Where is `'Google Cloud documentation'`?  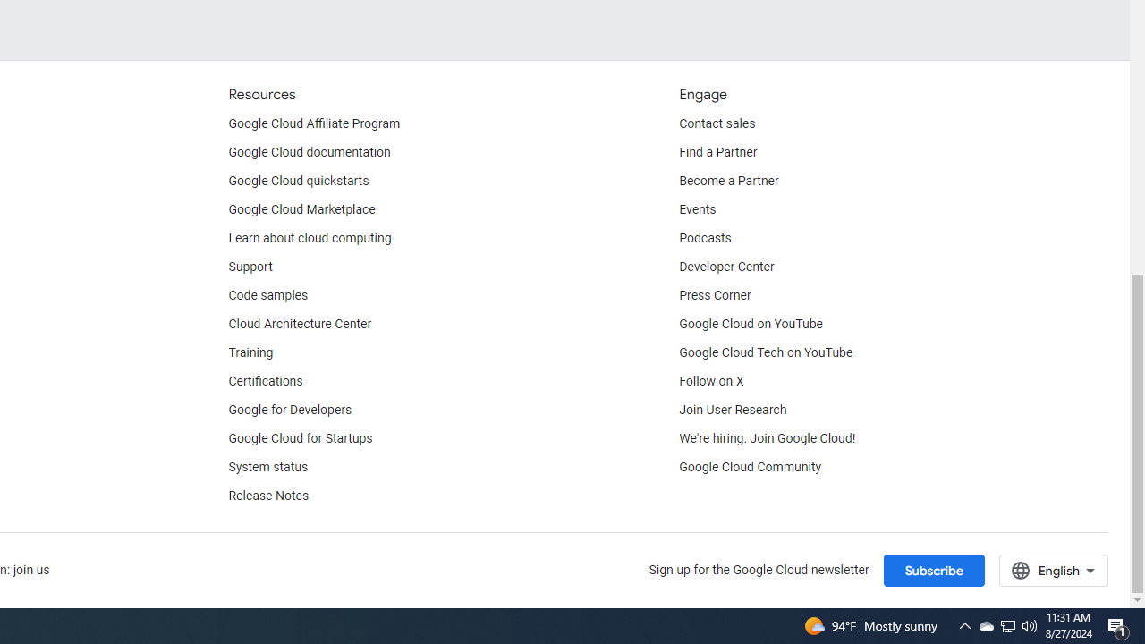
'Google Cloud documentation' is located at coordinates (309, 152).